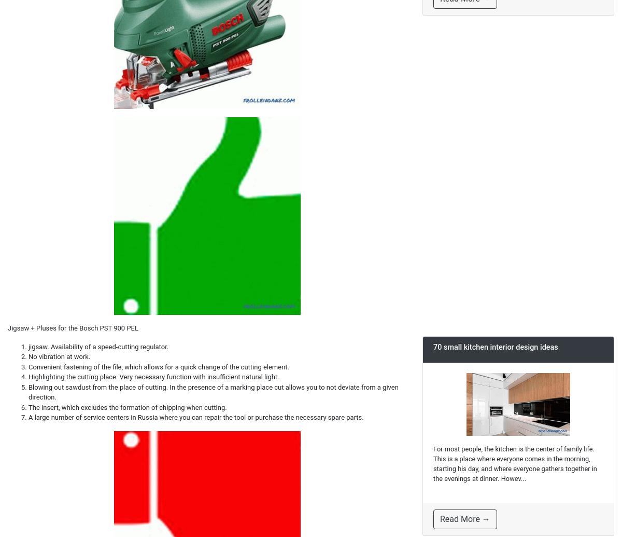  I want to click on 'Read More →', so click(464, 518).